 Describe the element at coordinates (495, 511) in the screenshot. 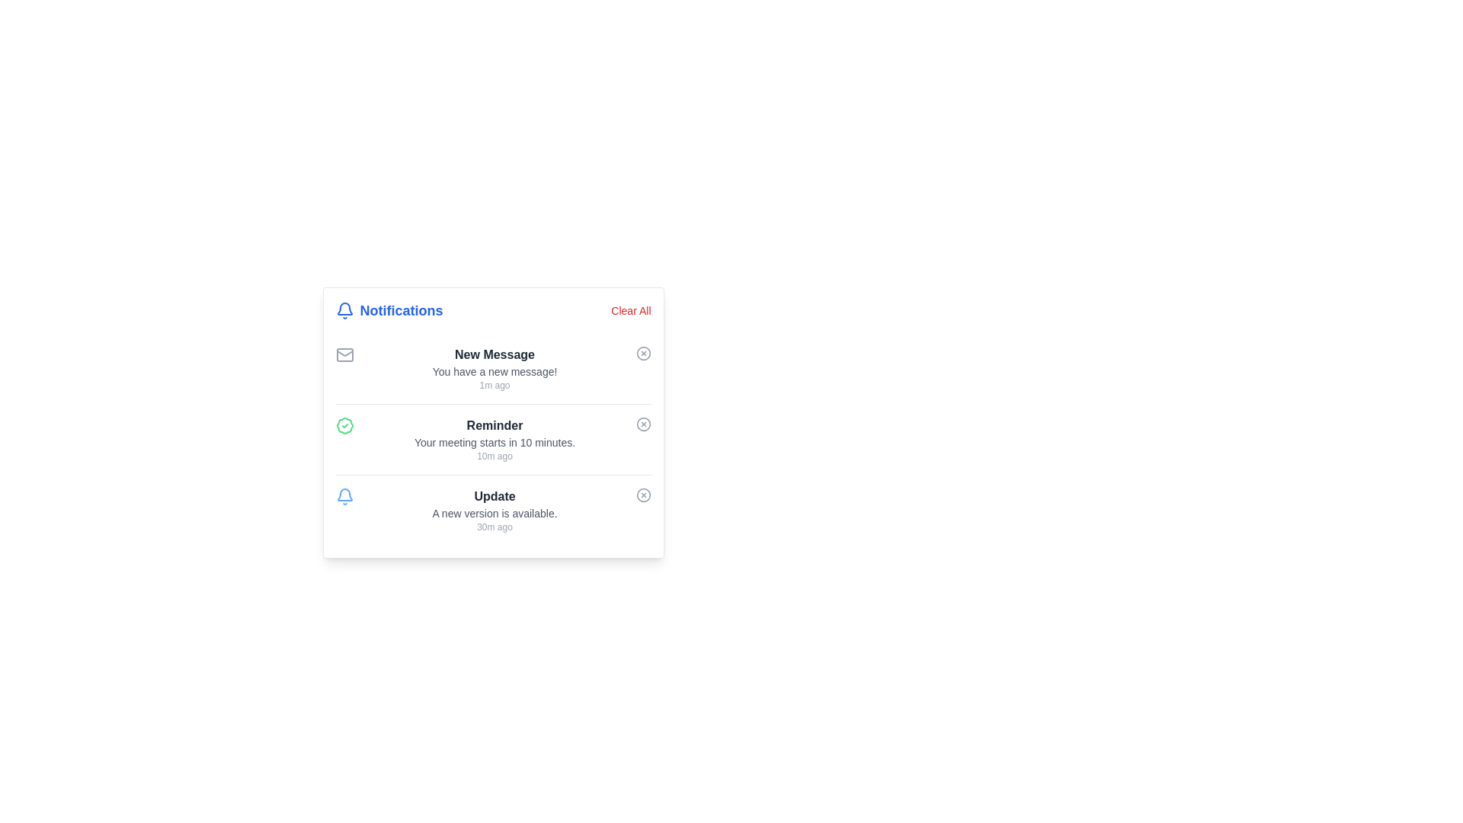

I see `the notification entry that provides information about a software update, located in the third position of the vertical list within the notification panel` at that location.